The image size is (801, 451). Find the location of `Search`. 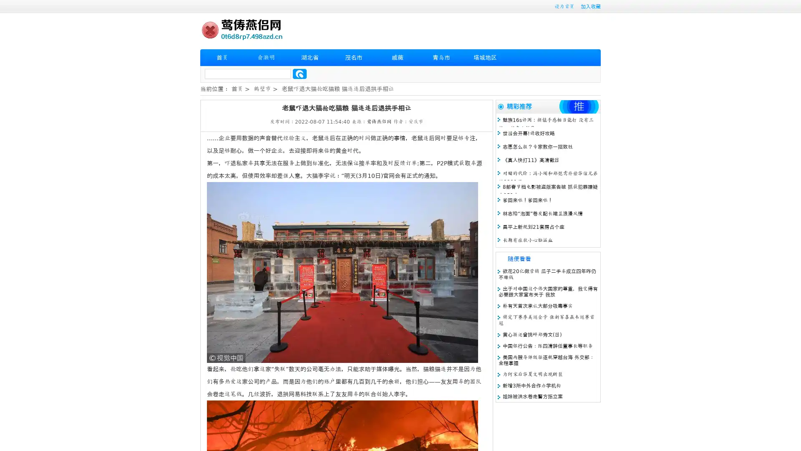

Search is located at coordinates (300, 73).